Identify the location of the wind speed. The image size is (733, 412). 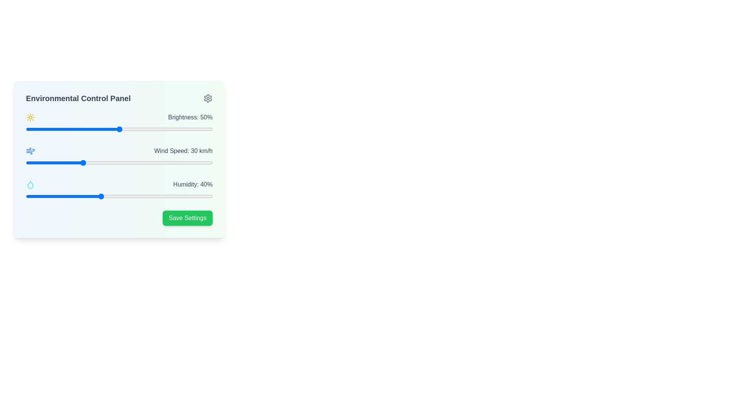
(98, 163).